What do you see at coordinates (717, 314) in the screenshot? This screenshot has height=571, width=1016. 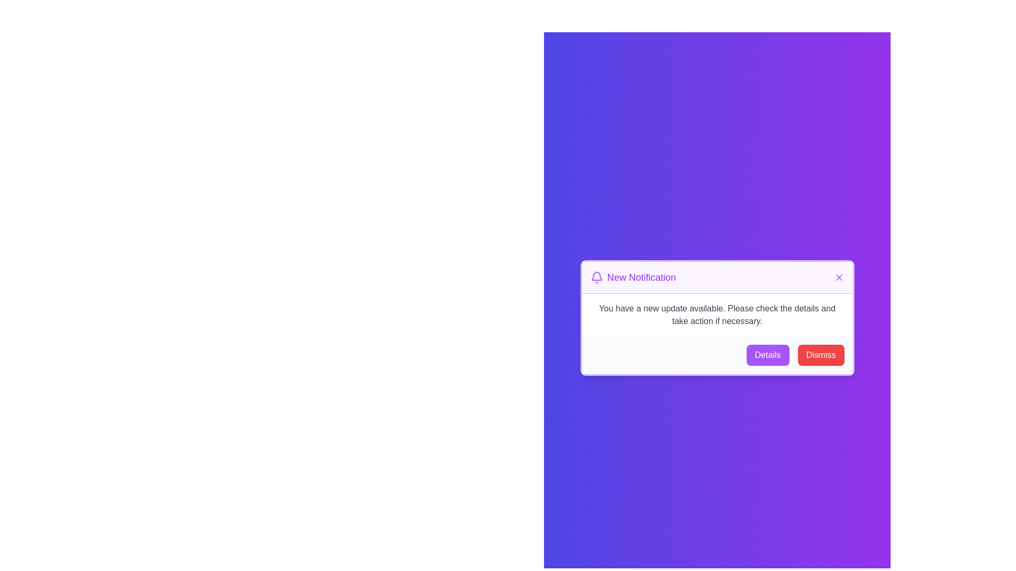 I see `text block displaying the message: 'You have a new update available. Please check the details and take action if necessary.' located in the notification popup beneath the title 'New Notification'` at bounding box center [717, 314].